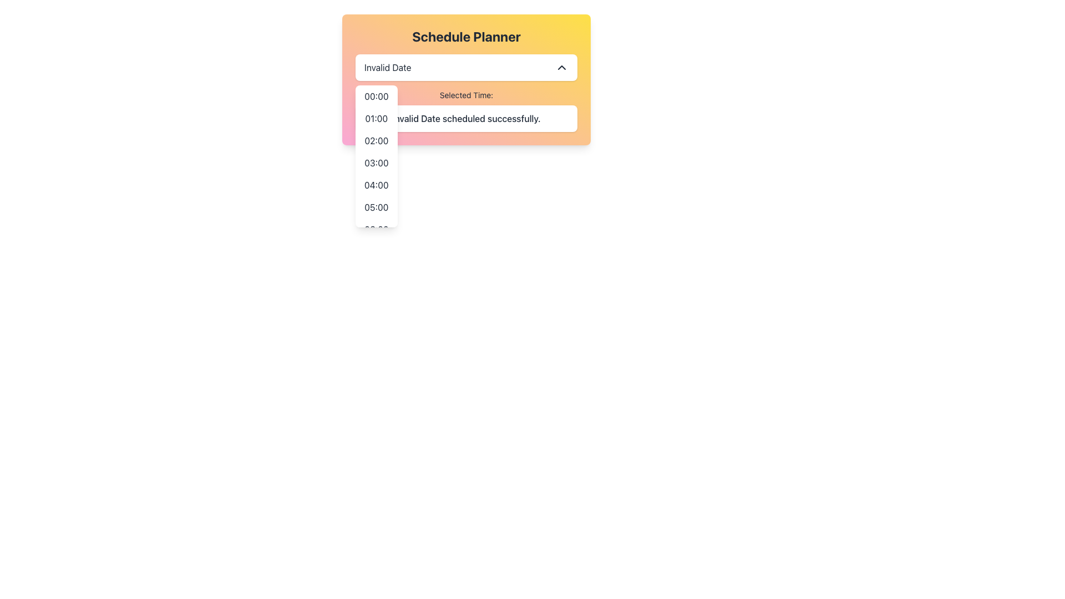 This screenshot has width=1065, height=599. I want to click on the Dropdown Button labeled 'Invalid Date', so click(466, 68).